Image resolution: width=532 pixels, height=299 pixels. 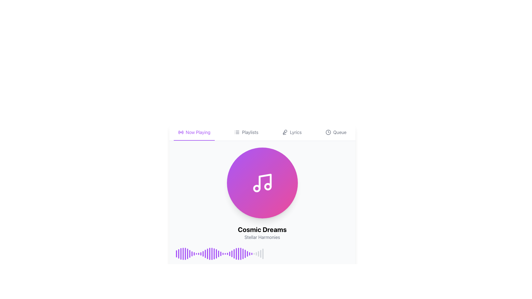 What do you see at coordinates (198, 132) in the screenshot?
I see `the 'Now Playing' text label, which is styled with a purple font and located in the header menu` at bounding box center [198, 132].